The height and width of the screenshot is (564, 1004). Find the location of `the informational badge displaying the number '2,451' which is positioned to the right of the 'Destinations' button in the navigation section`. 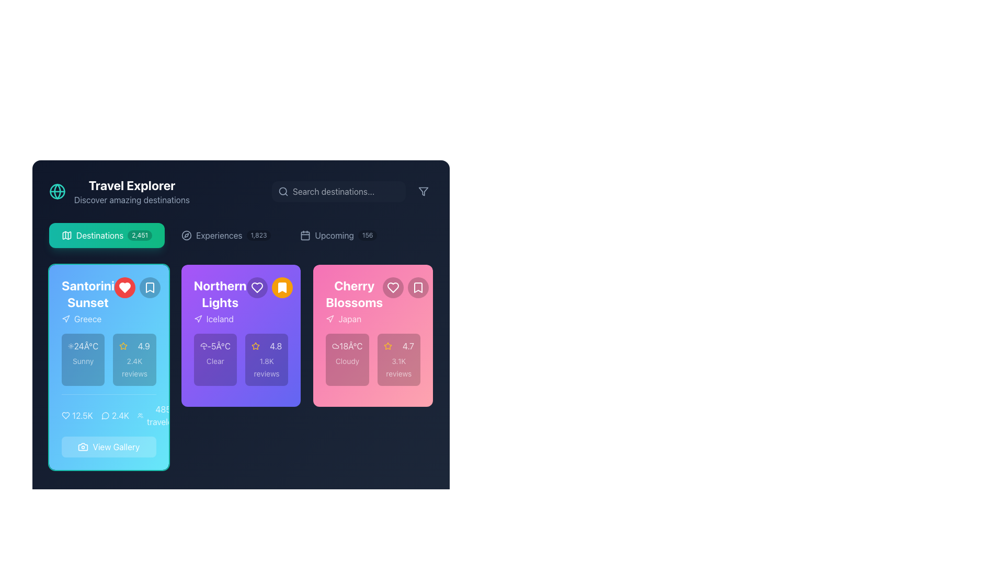

the informational badge displaying the number '2,451' which is positioned to the right of the 'Destinations' button in the navigation section is located at coordinates (139, 236).